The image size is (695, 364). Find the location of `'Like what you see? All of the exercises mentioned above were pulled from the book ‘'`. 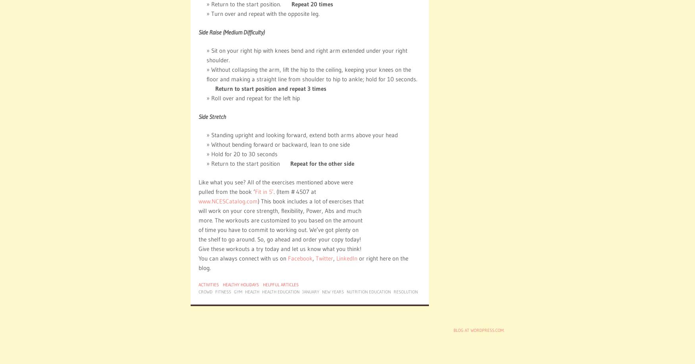

'Like what you see? All of the exercises mentioned above were pulled from the book ‘' is located at coordinates (276, 186).